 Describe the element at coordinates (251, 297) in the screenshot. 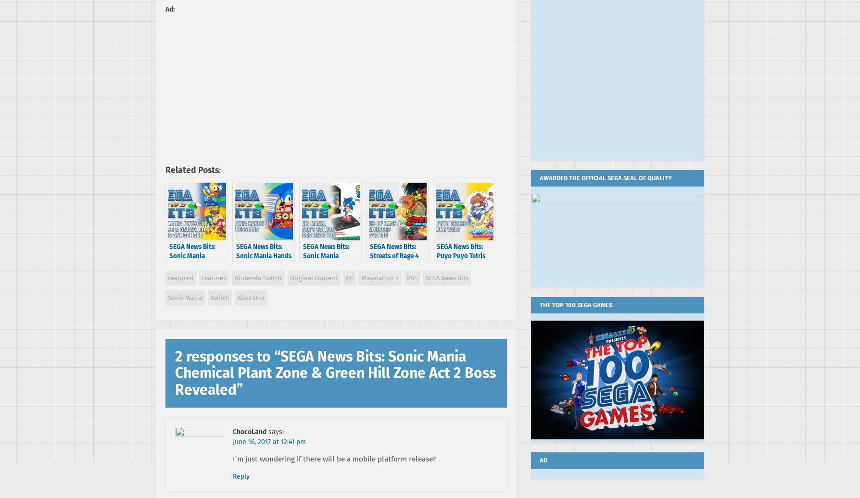

I see `'Xbox One'` at that location.